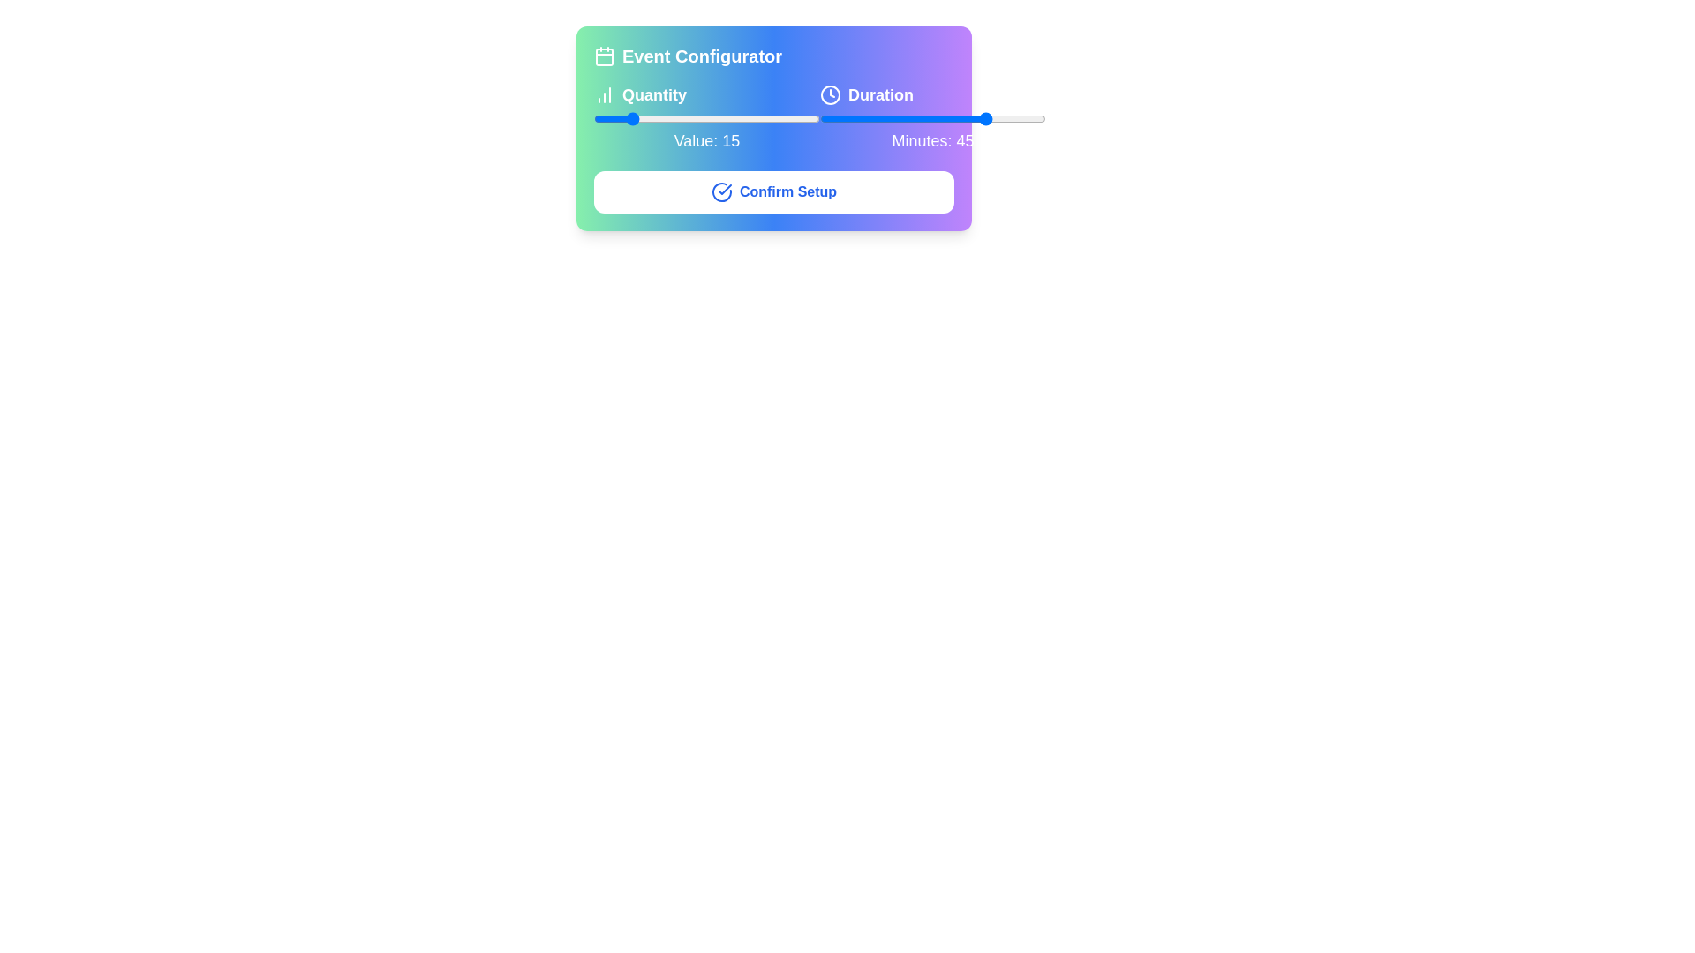  I want to click on duration, so click(943, 119).